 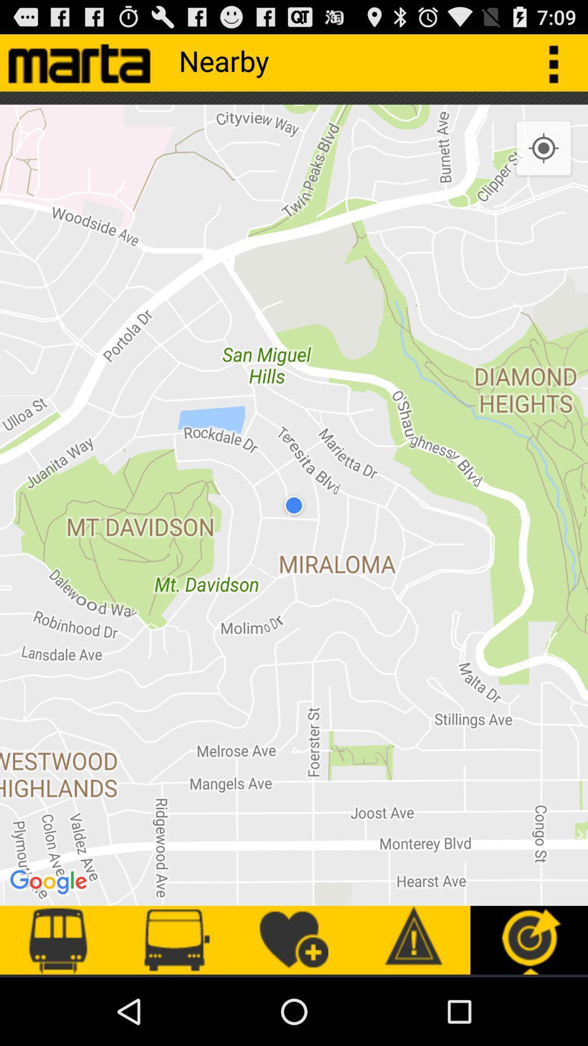 What do you see at coordinates (543, 159) in the screenshot?
I see `the location_crosshair icon` at bounding box center [543, 159].